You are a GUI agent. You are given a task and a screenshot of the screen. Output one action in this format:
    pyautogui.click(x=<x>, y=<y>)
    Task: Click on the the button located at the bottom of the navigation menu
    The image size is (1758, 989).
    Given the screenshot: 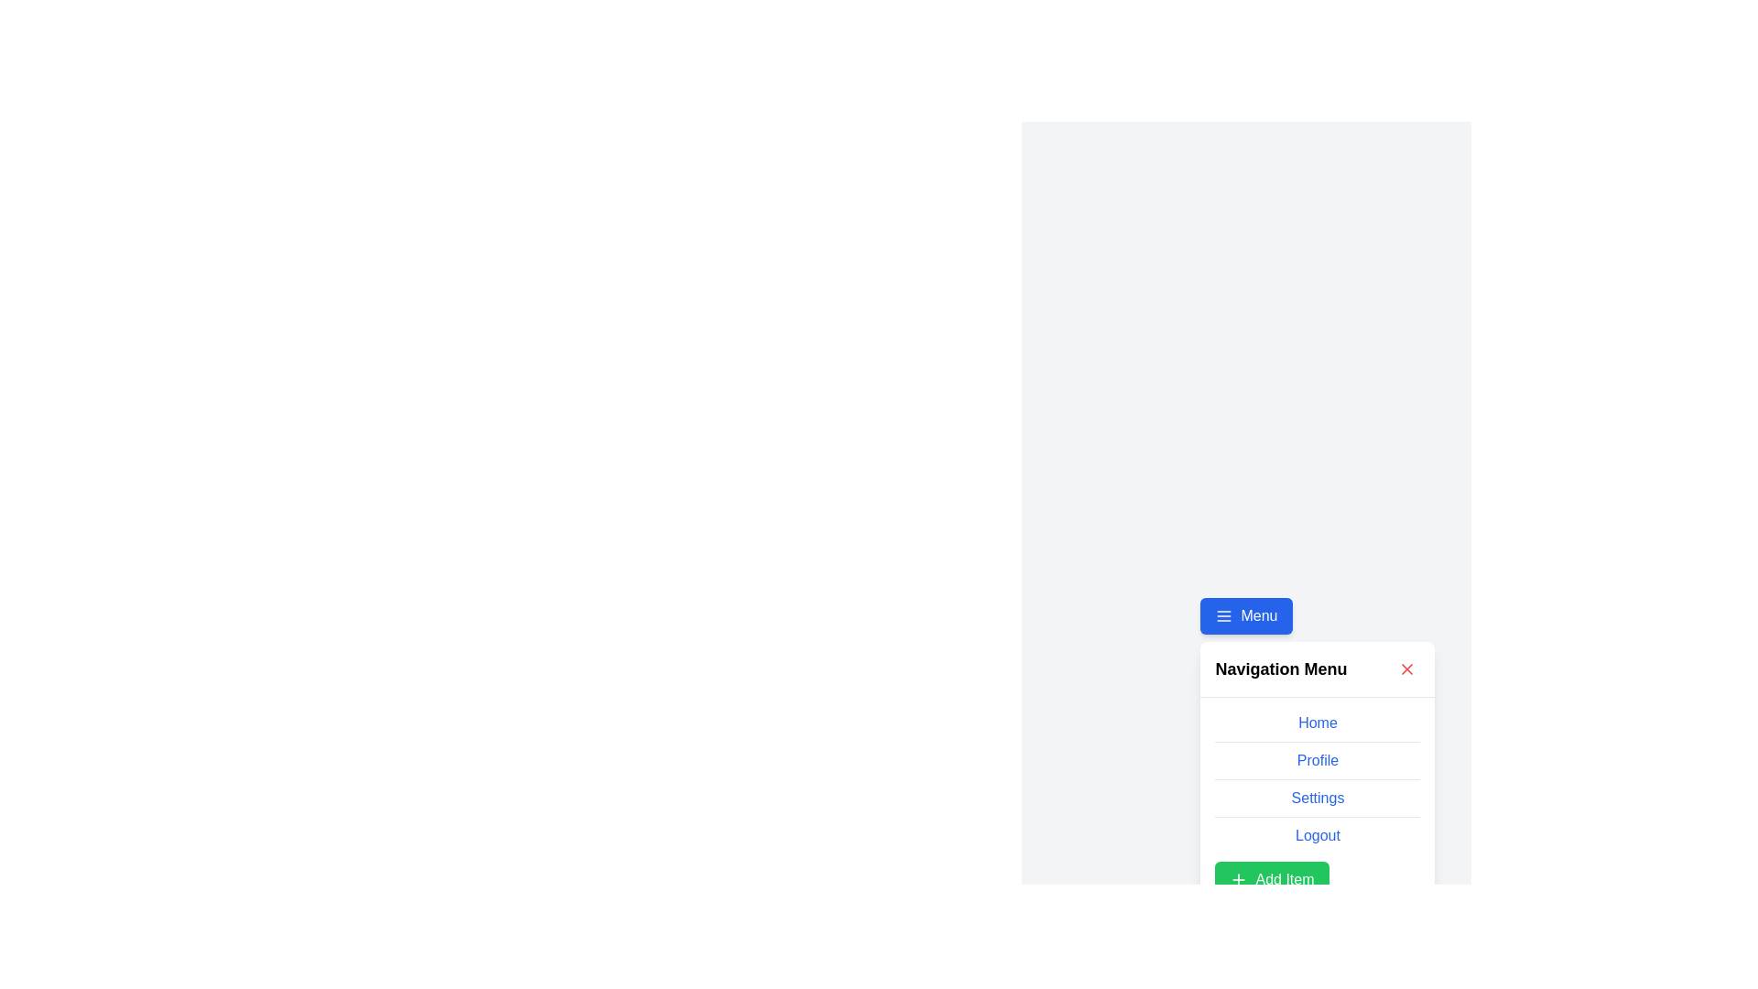 What is the action you would take?
    pyautogui.click(x=1271, y=878)
    